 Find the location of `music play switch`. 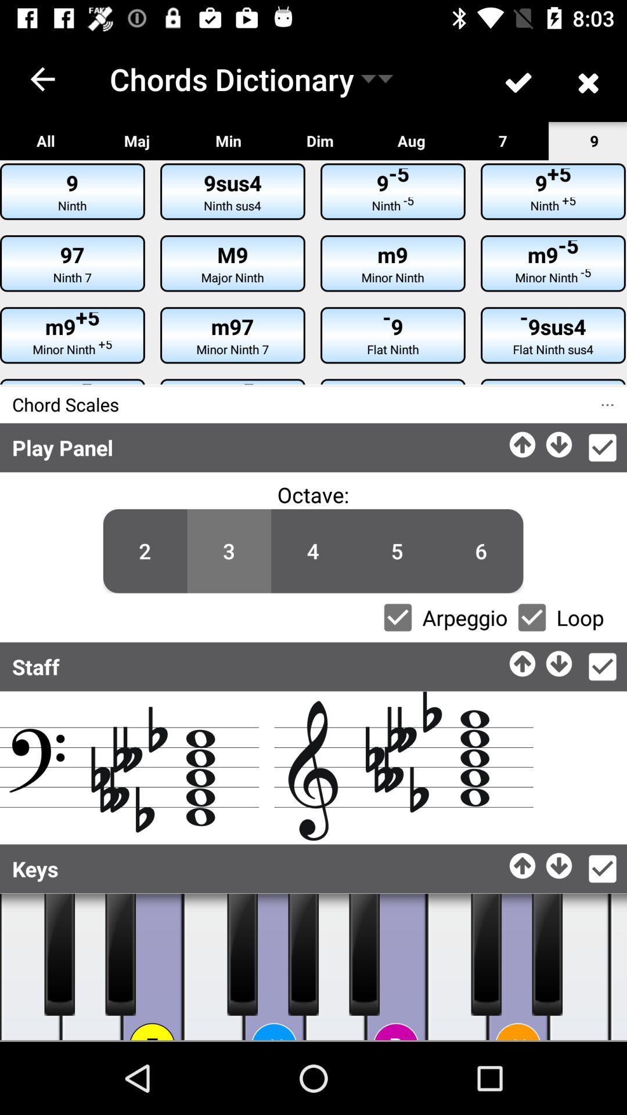

music play switch is located at coordinates (617, 967).